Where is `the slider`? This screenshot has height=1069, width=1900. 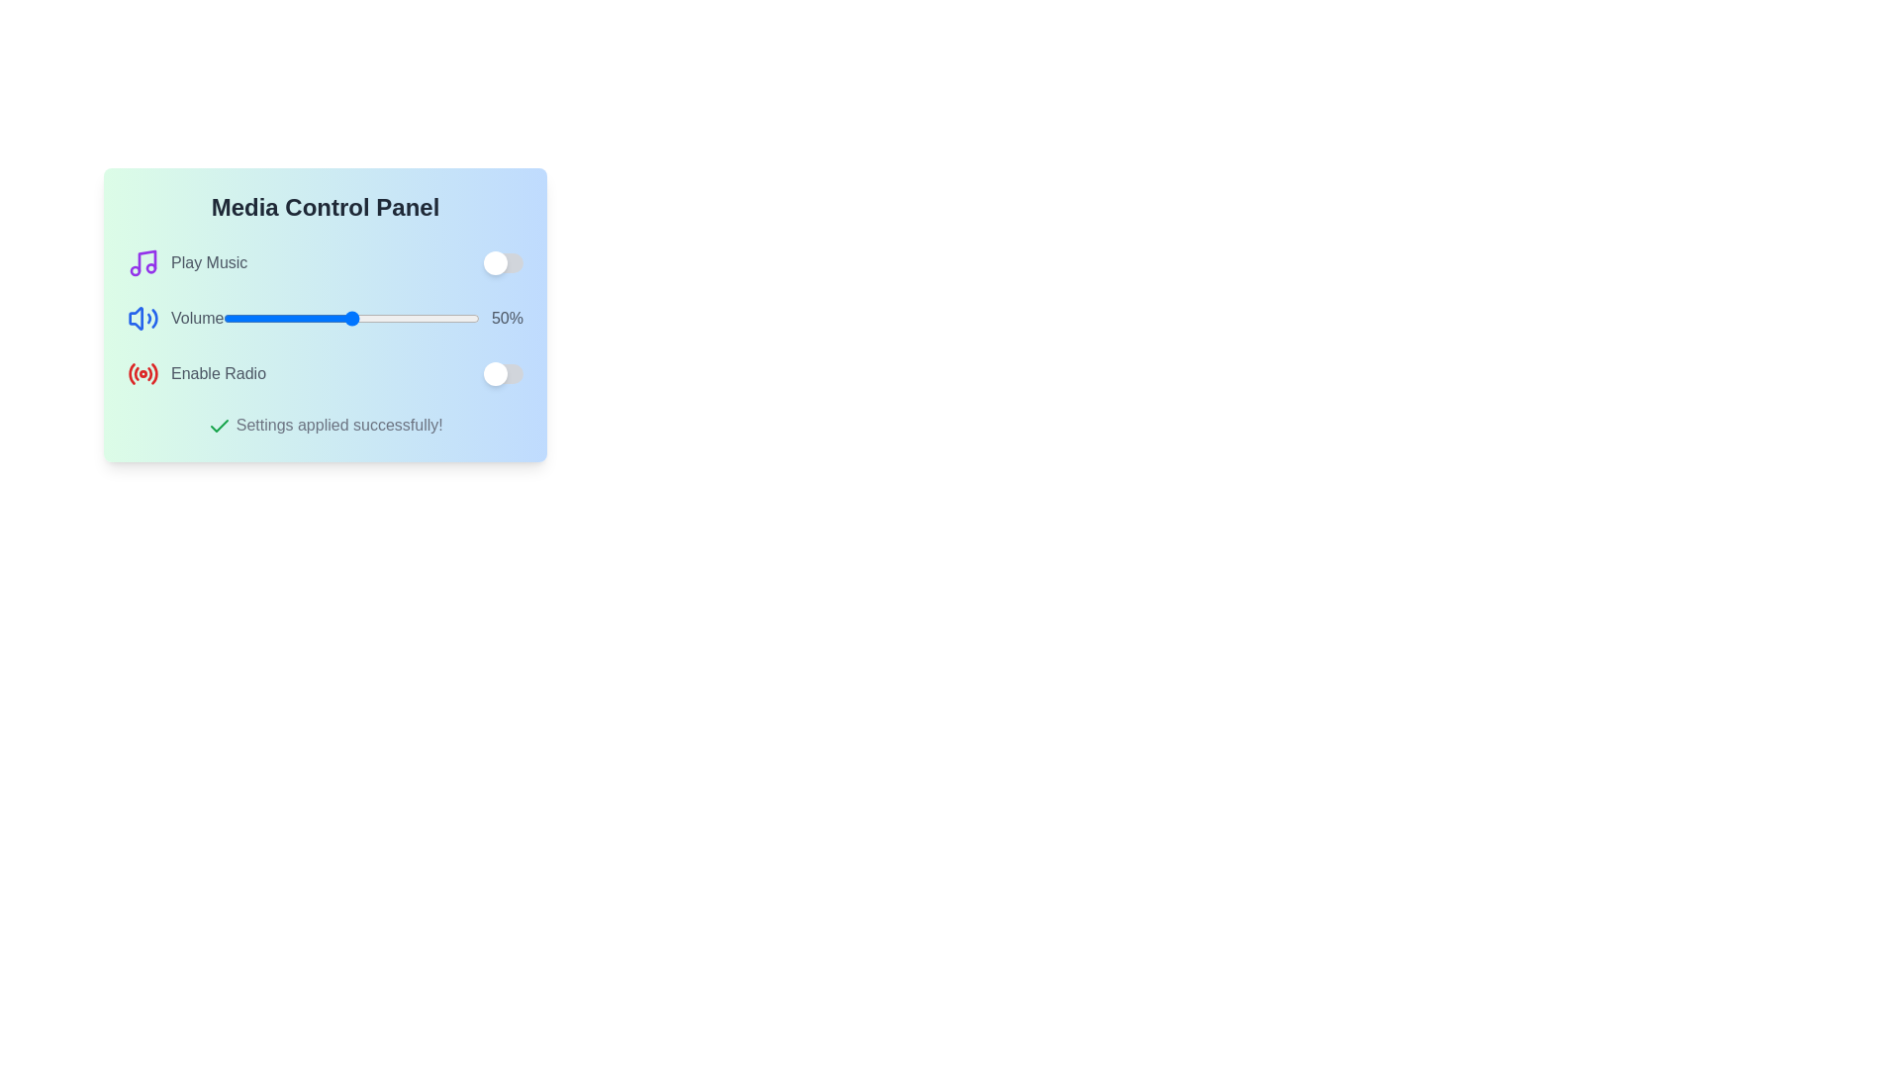 the slider is located at coordinates (343, 317).